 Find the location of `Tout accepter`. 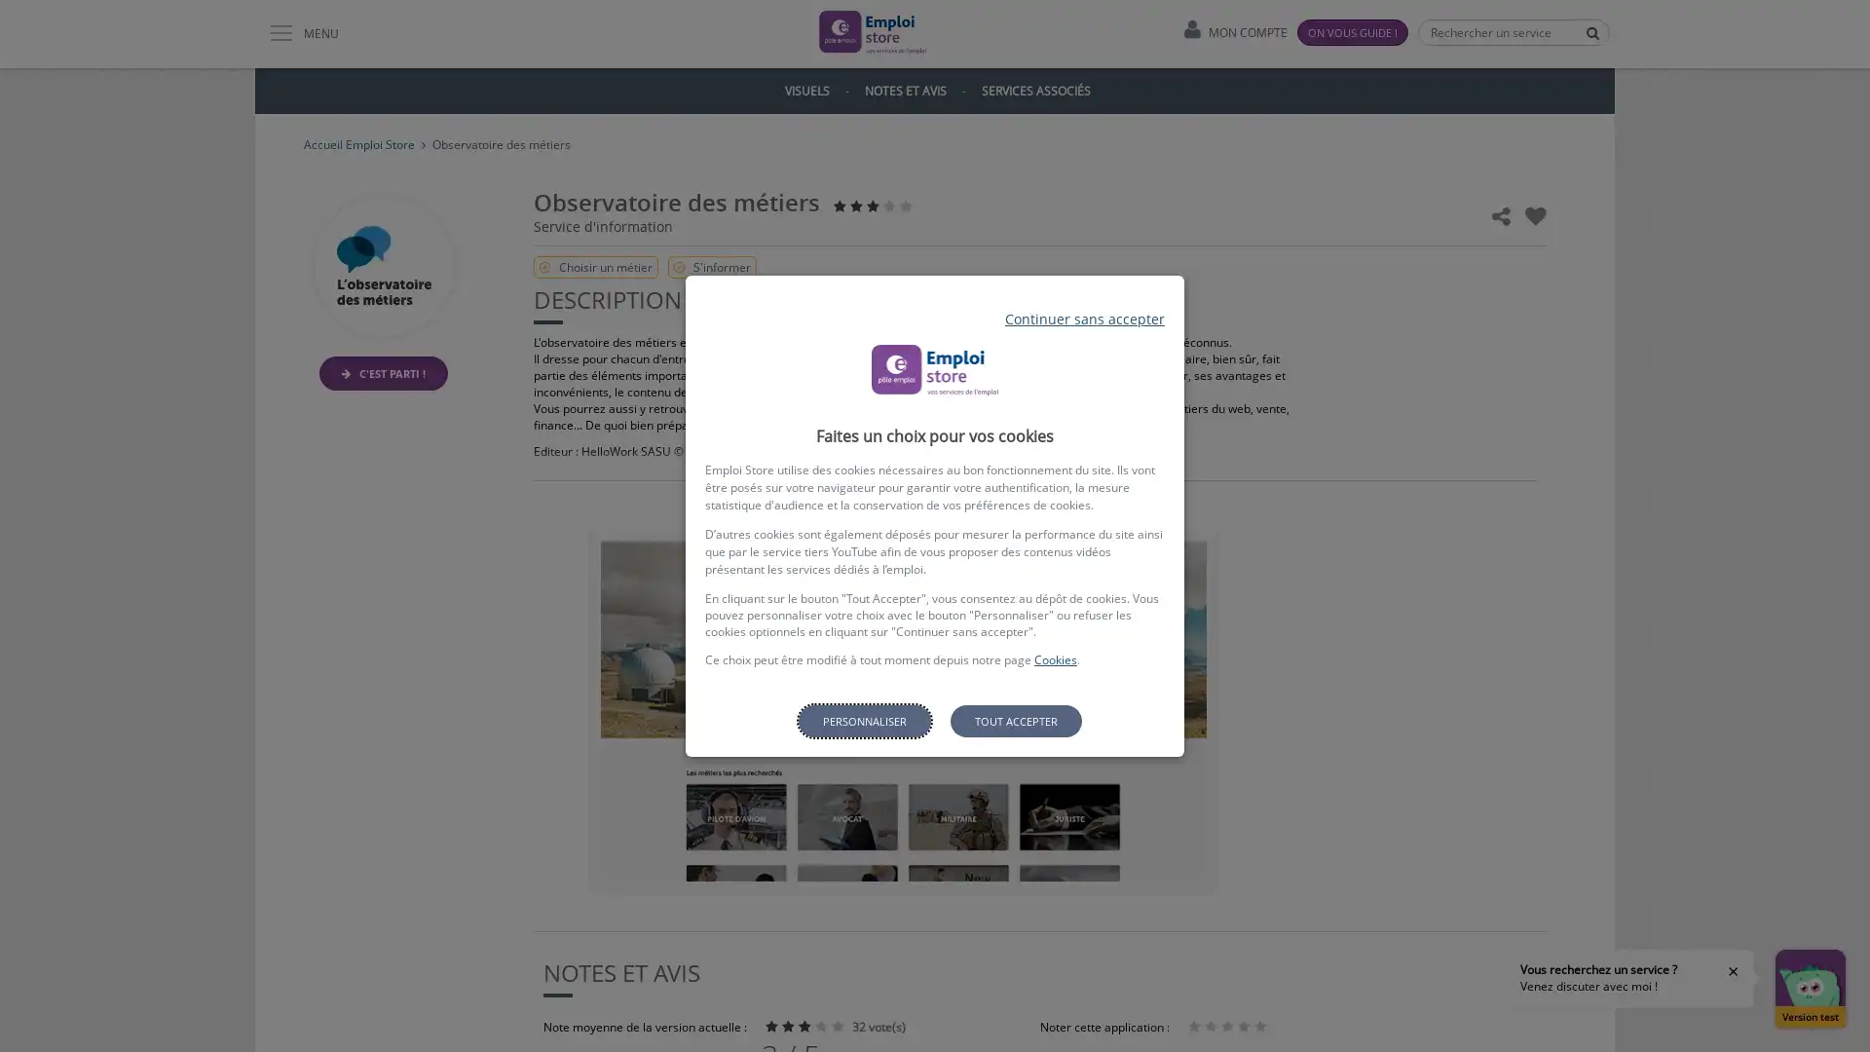

Tout accepter is located at coordinates (1014, 721).